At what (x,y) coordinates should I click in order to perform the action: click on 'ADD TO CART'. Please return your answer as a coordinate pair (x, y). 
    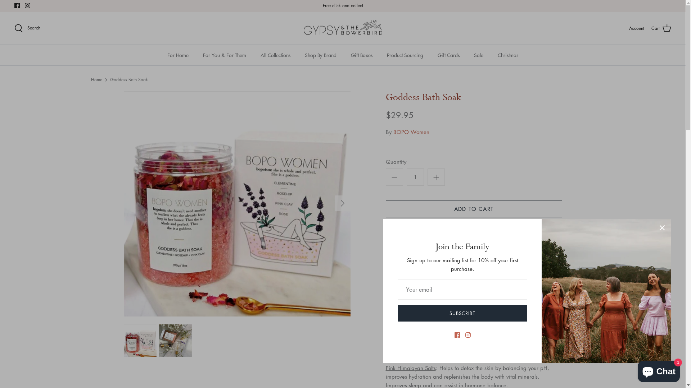
    Looking at the image, I should click on (474, 209).